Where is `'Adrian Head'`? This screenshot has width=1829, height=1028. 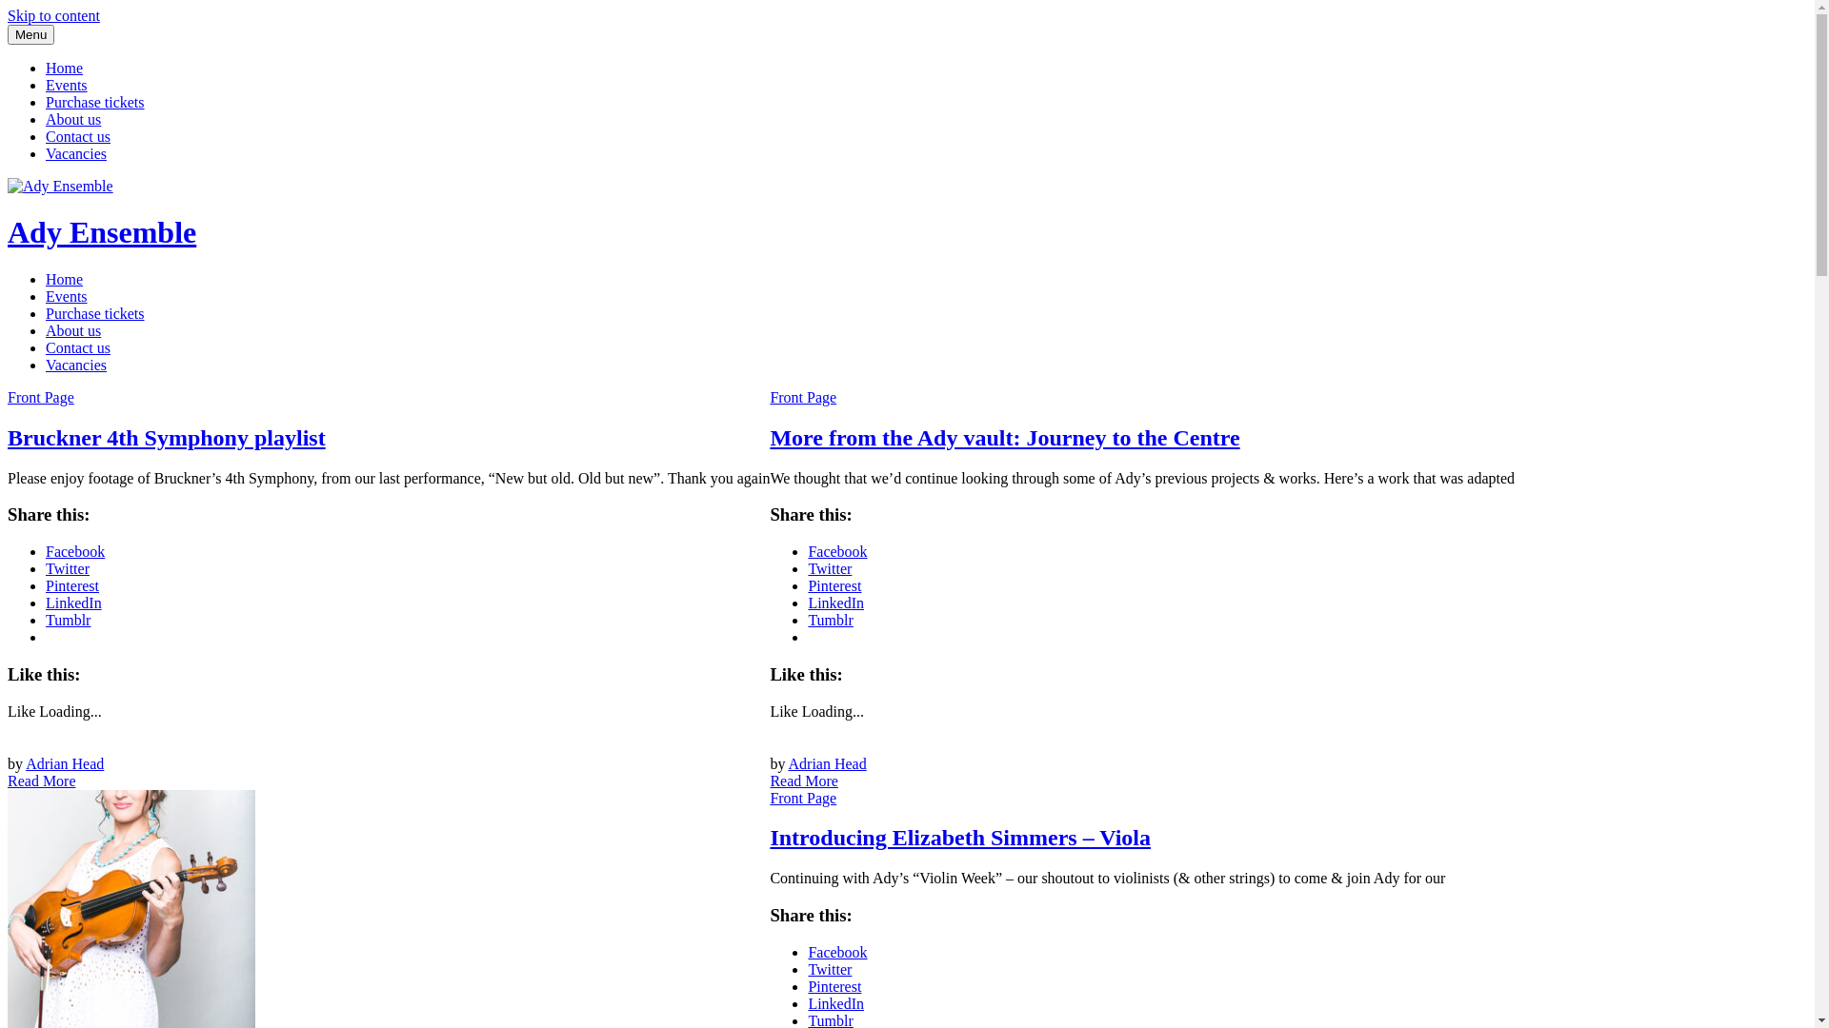 'Adrian Head' is located at coordinates (64, 762).